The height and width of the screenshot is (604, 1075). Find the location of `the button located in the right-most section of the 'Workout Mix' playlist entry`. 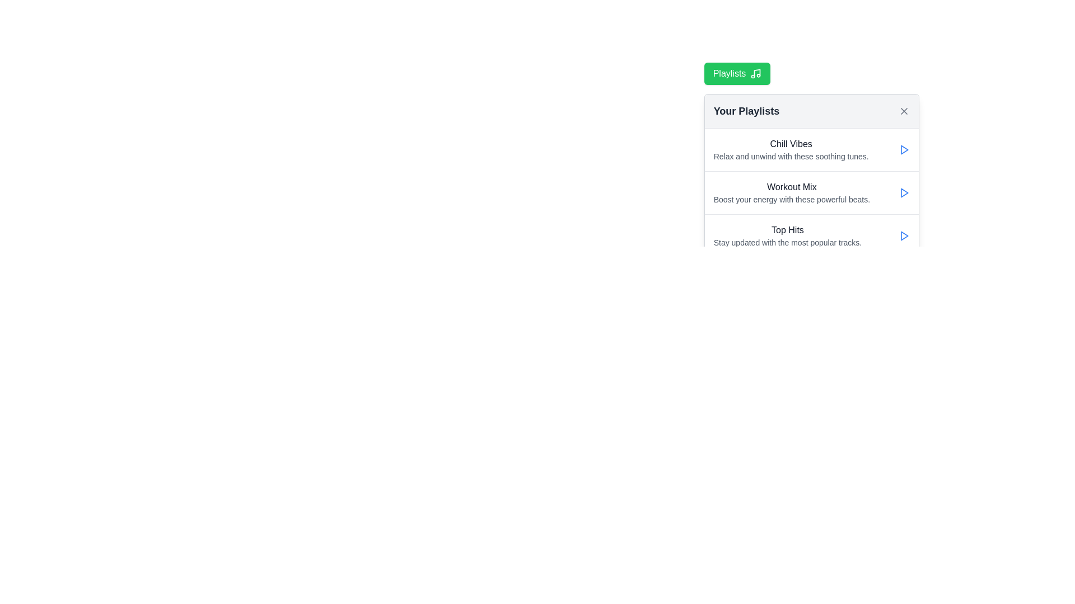

the button located in the right-most section of the 'Workout Mix' playlist entry is located at coordinates (904, 192).